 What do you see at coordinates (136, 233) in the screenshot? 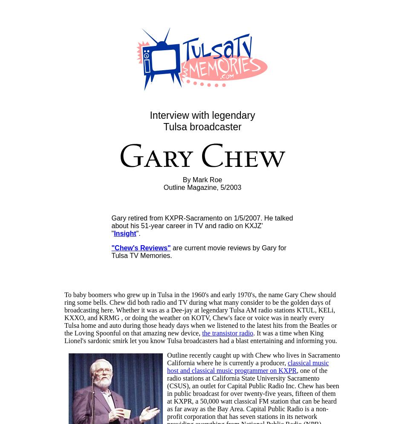
I see `'".'` at bounding box center [136, 233].